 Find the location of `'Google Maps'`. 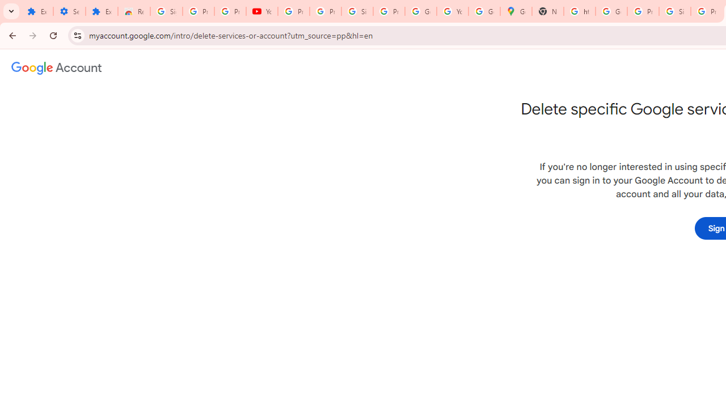

'Google Maps' is located at coordinates (516, 11).